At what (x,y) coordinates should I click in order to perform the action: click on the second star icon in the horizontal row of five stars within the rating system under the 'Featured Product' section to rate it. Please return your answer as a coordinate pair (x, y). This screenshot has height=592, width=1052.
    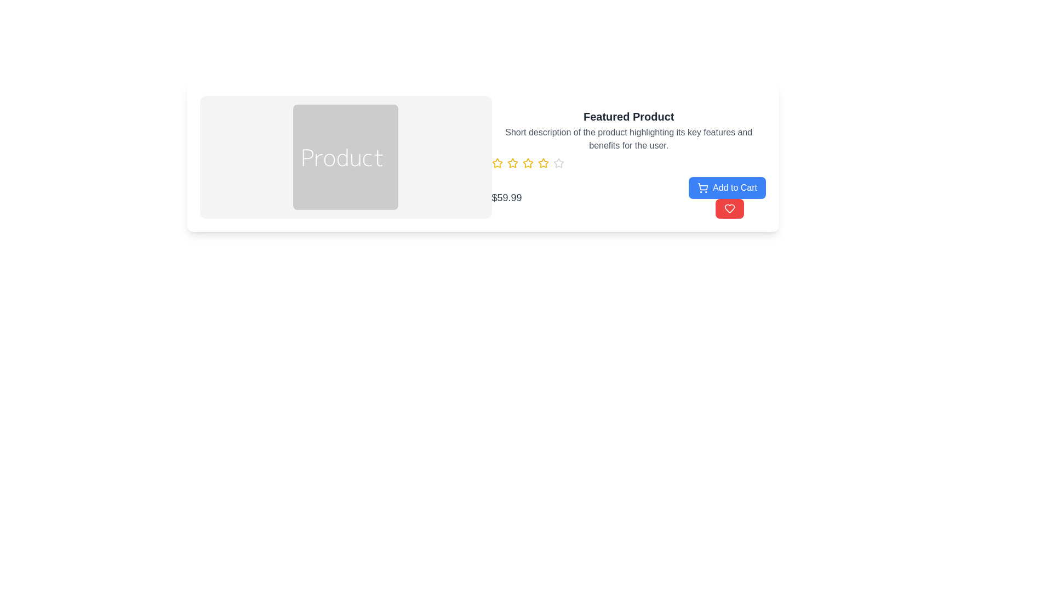
    Looking at the image, I should click on (512, 163).